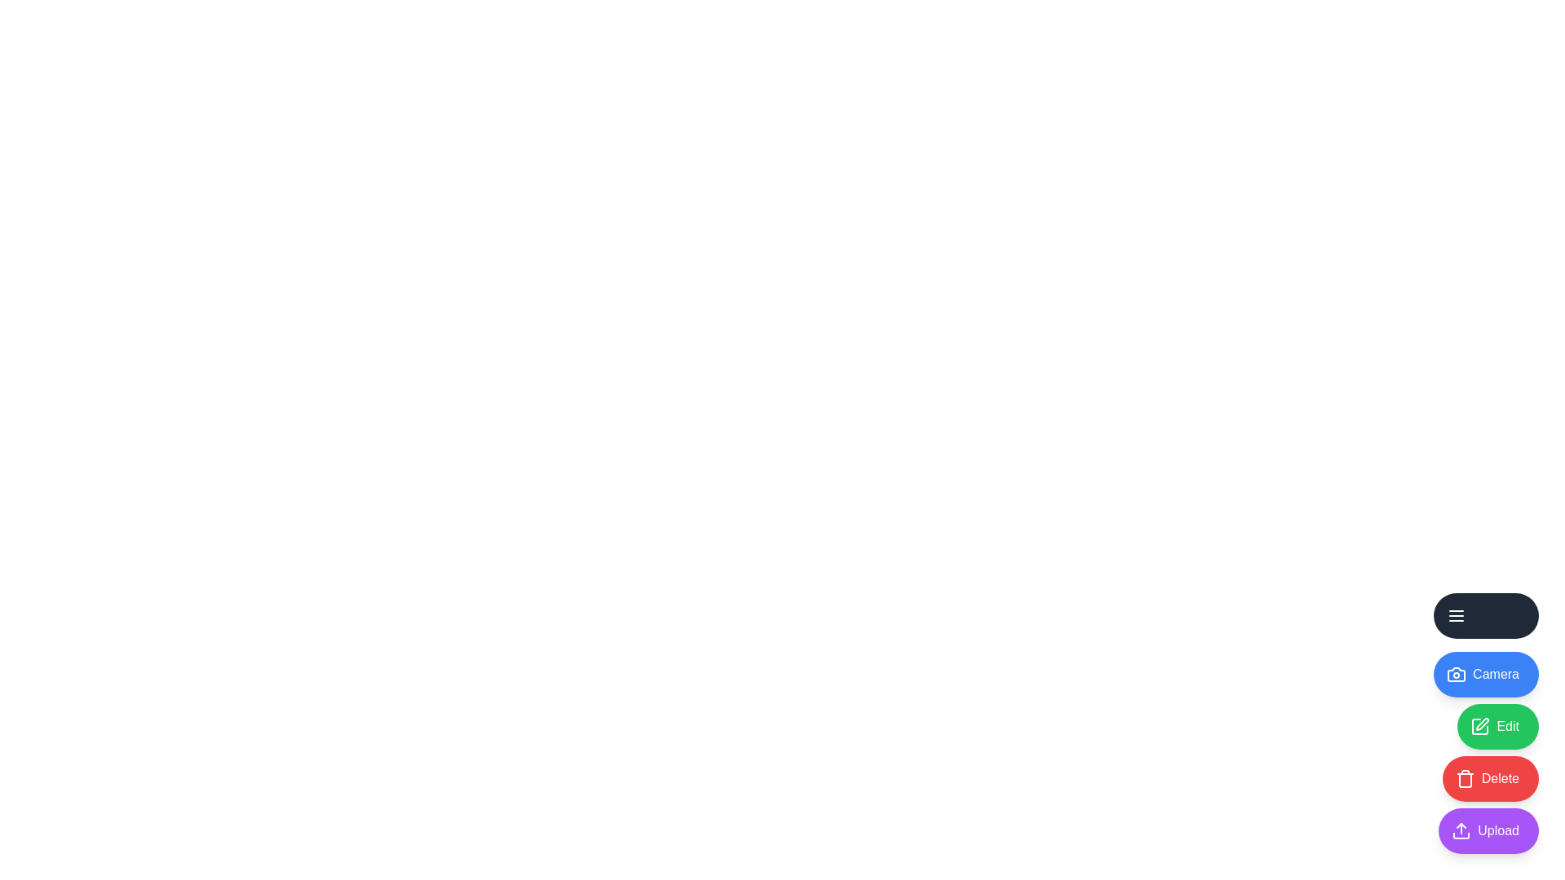 This screenshot has height=880, width=1565. I want to click on the Upload icon to interact with it, so click(1488, 830).